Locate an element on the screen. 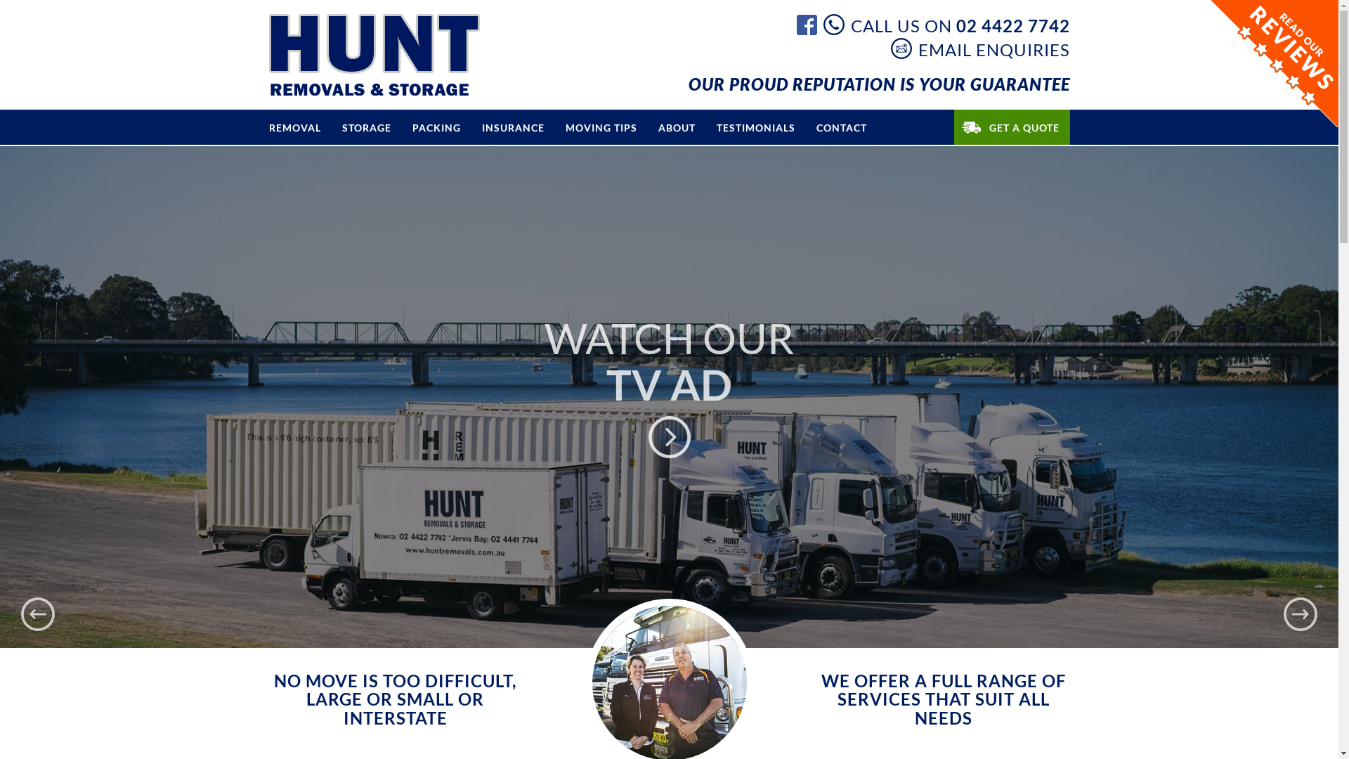 The width and height of the screenshot is (1349, 759). 'TESTIMONIALS' is located at coordinates (755, 127).